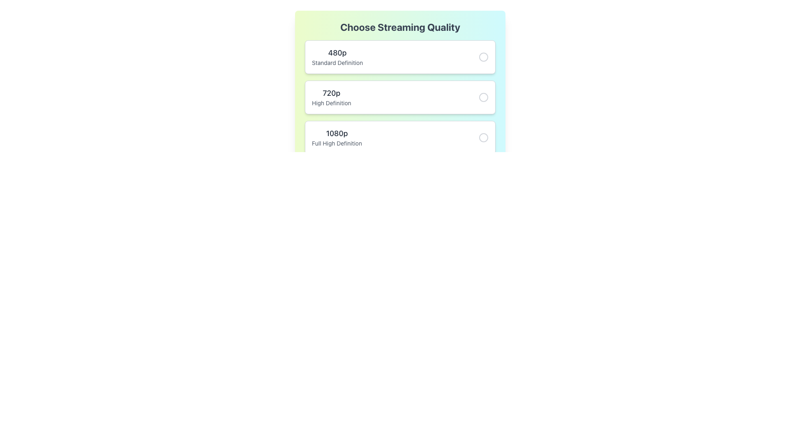 The width and height of the screenshot is (789, 444). What do you see at coordinates (483, 56) in the screenshot?
I see `the circular SVG graphic element that is part of the '480p Standard Definition' selectable option in the UI` at bounding box center [483, 56].